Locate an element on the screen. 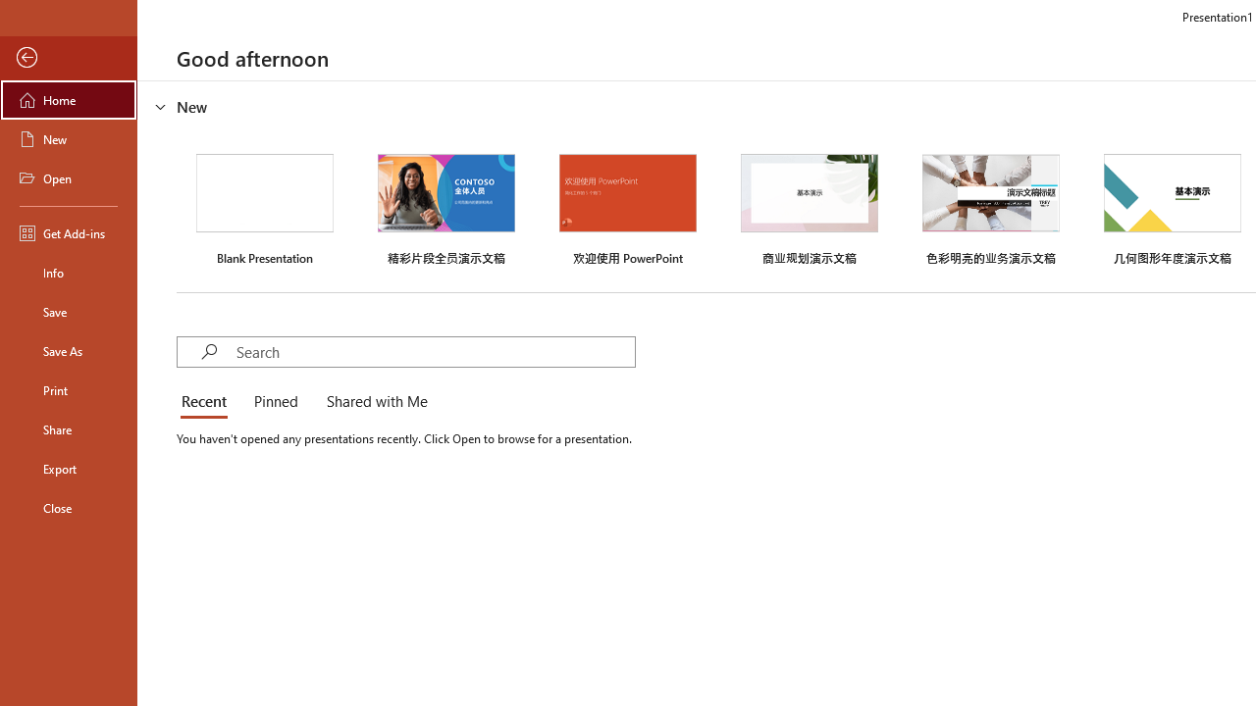 Image resolution: width=1256 pixels, height=706 pixels. 'Blank Presentation' is located at coordinates (264, 207).